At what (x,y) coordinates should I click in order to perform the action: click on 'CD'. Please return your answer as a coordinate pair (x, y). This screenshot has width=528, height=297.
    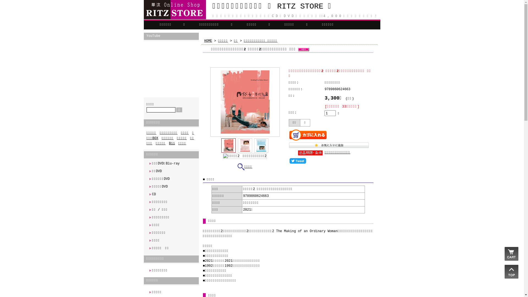
    Looking at the image, I should click on (171, 194).